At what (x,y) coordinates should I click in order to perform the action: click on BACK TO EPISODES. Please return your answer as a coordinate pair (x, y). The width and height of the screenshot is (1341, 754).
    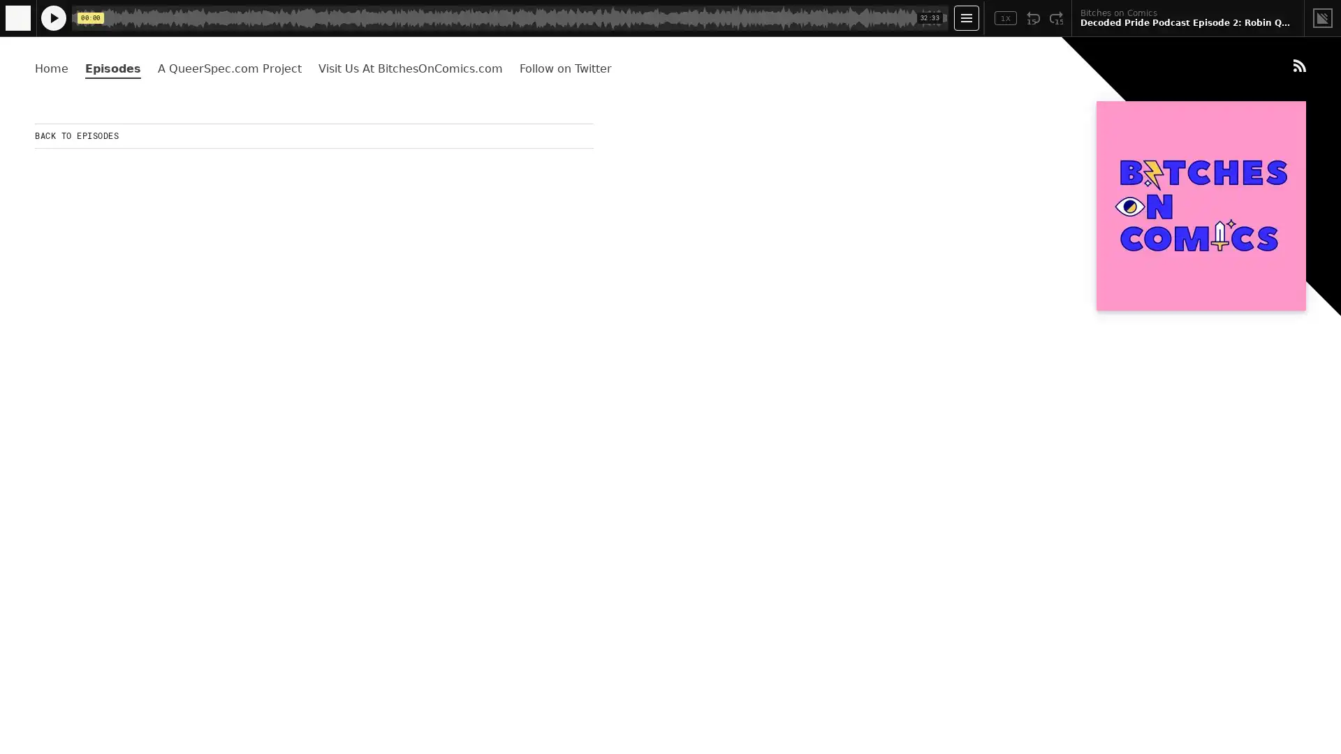
    Looking at the image, I should click on (314, 136).